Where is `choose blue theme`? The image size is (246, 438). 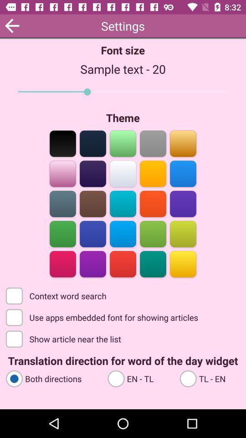
choose blue theme is located at coordinates (183, 172).